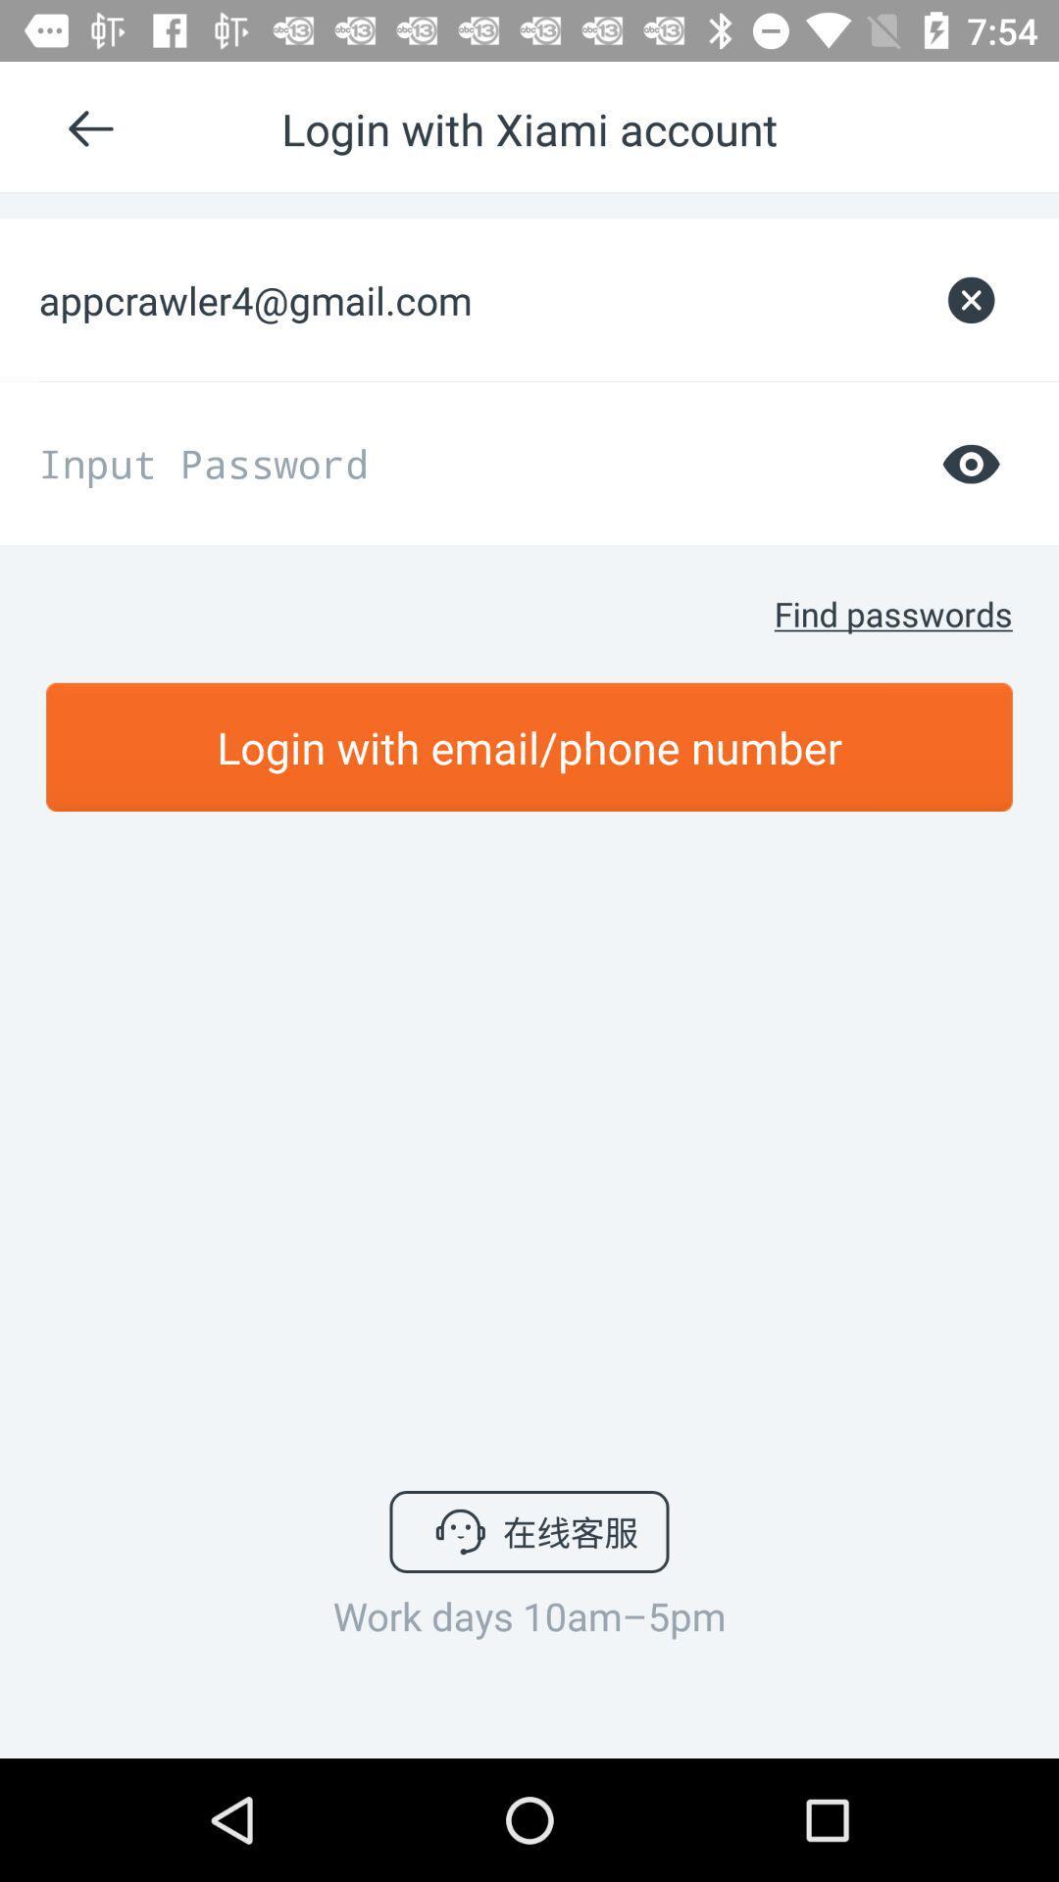 This screenshot has height=1882, width=1059. Describe the element at coordinates (971, 495) in the screenshot. I see `the visibility icon` at that location.